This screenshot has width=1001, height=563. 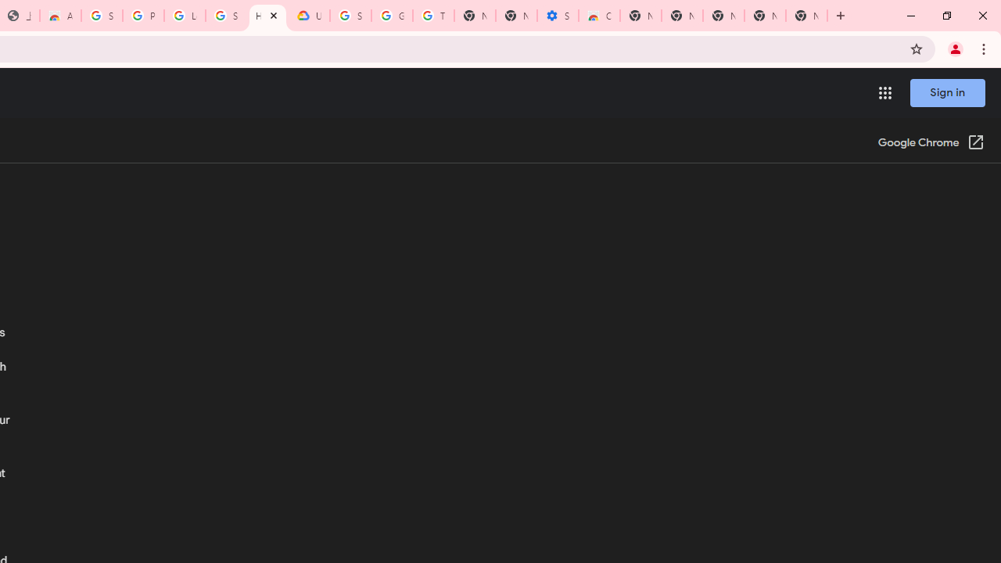 I want to click on 'Awesome Screen Recorder & Screenshot - Chrome Web Store', so click(x=60, y=16).